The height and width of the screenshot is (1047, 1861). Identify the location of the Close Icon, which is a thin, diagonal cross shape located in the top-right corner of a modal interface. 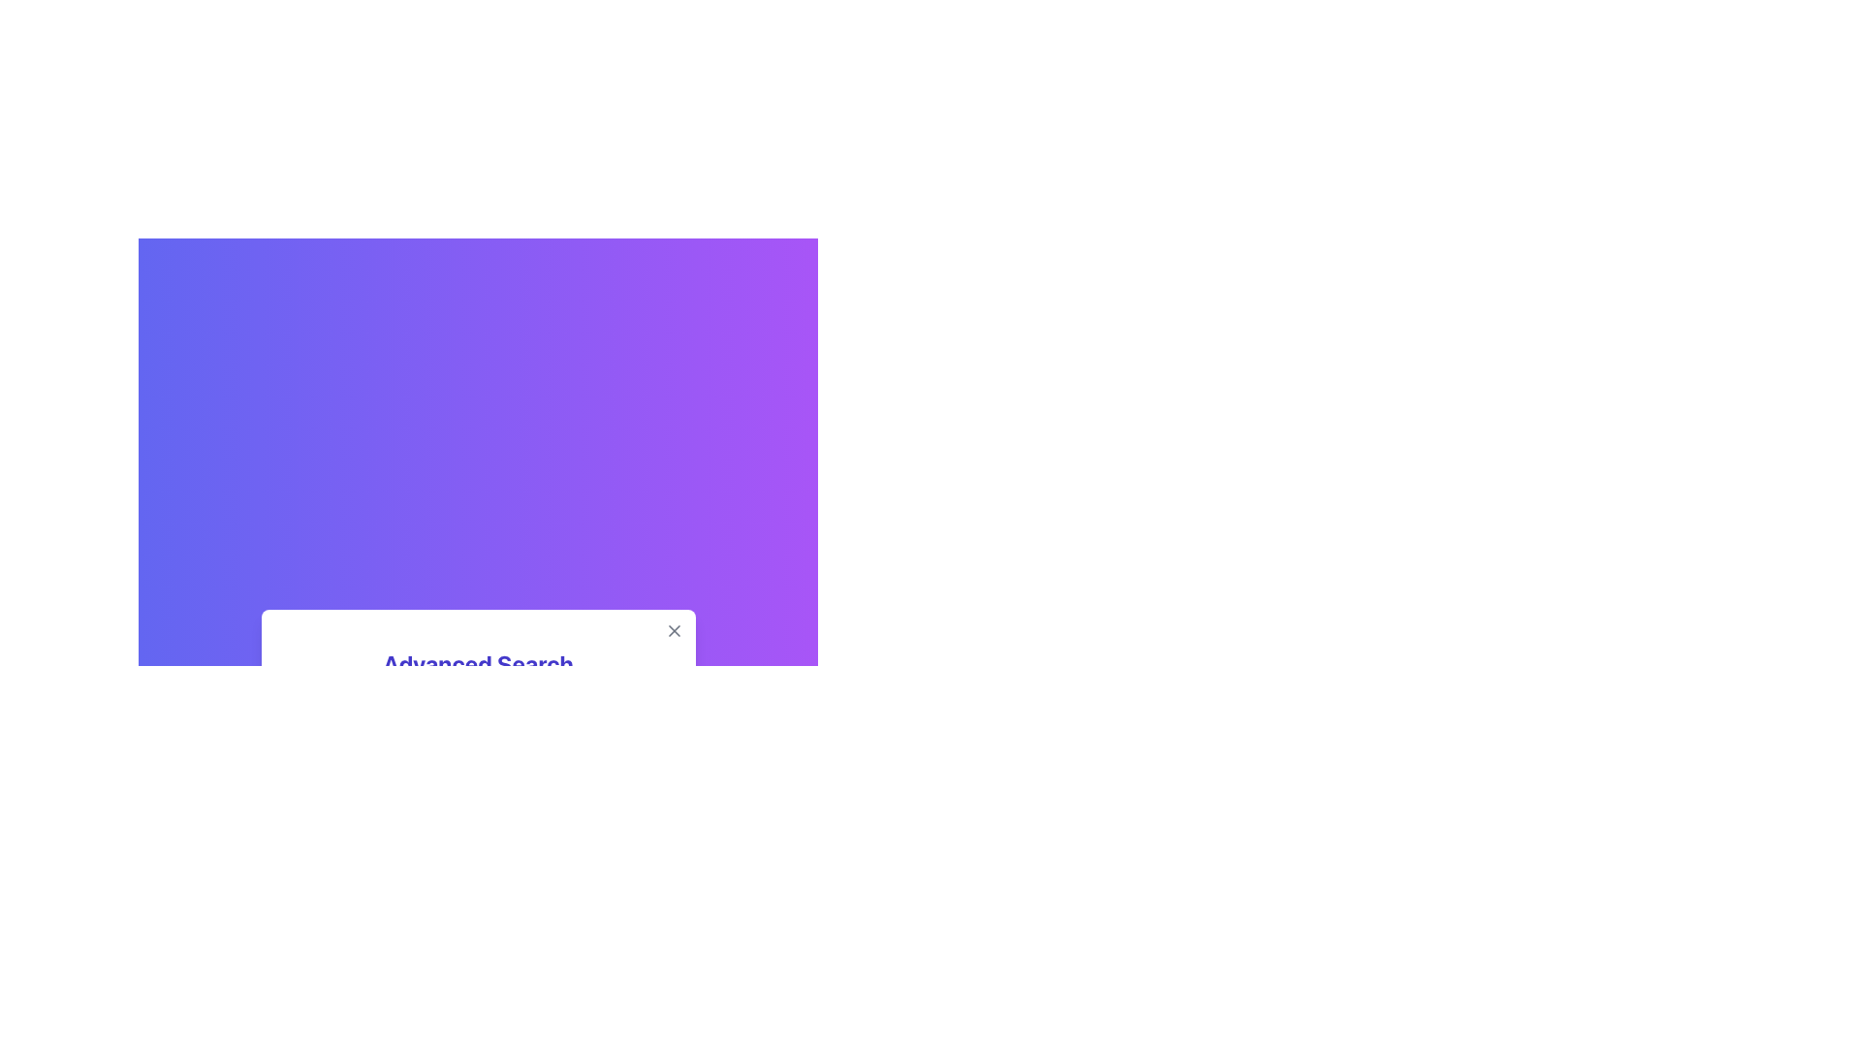
(674, 631).